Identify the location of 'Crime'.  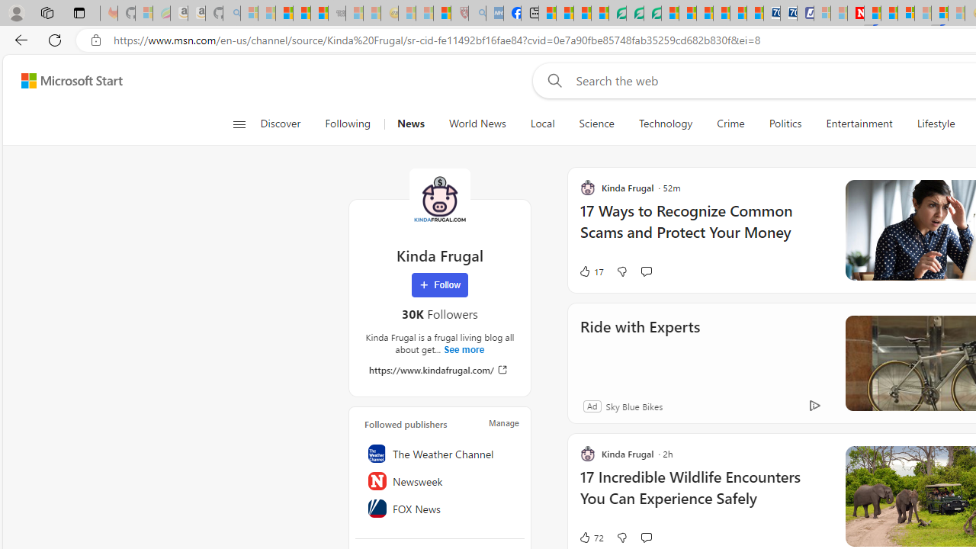
(730, 124).